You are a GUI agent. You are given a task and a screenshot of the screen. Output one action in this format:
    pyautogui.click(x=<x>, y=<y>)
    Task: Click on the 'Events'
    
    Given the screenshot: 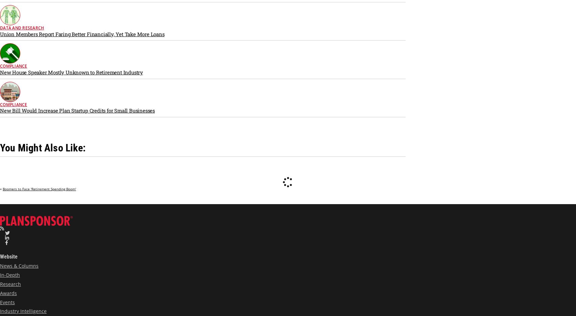 What is the action you would take?
    pyautogui.click(x=7, y=301)
    